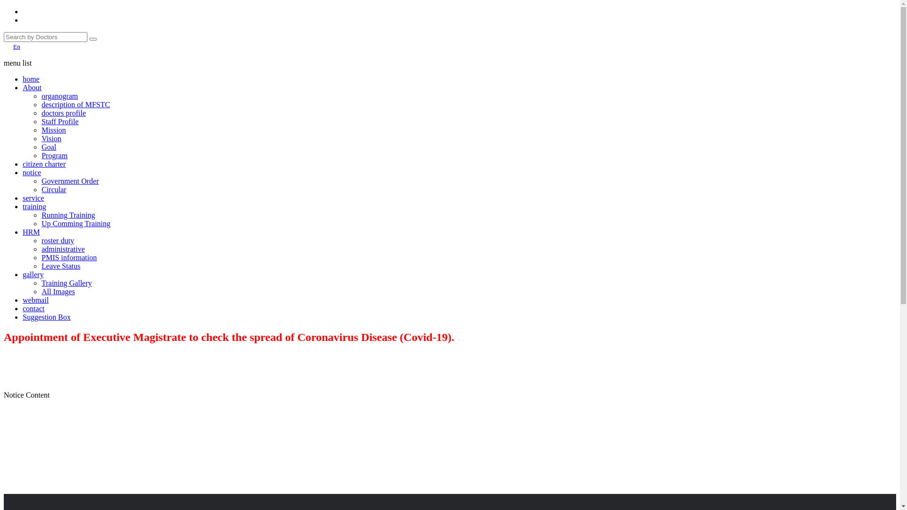  What do you see at coordinates (23, 308) in the screenshot?
I see `'contact'` at bounding box center [23, 308].